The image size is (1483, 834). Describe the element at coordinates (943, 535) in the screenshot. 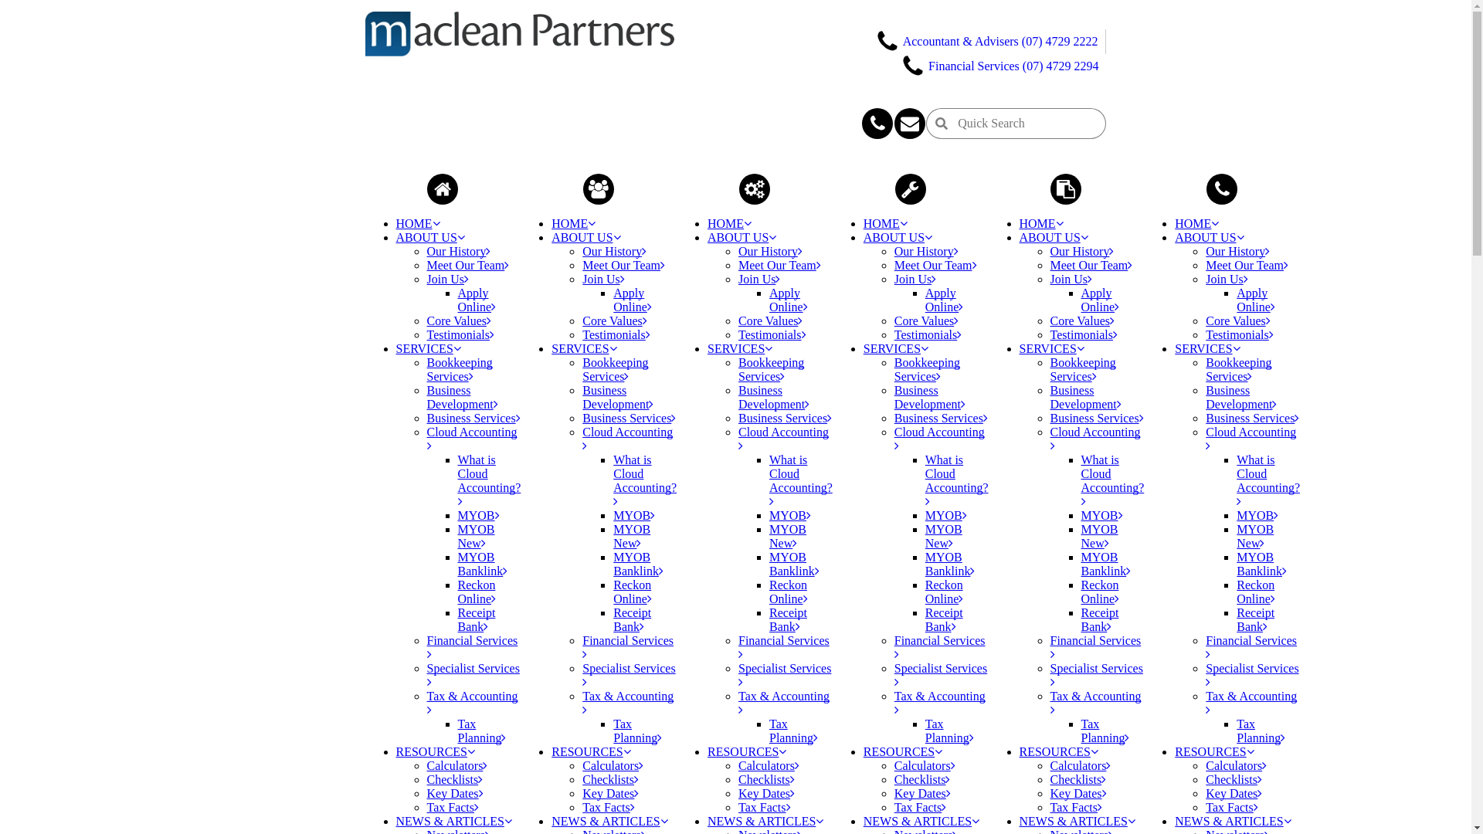

I see `'MYOB New'` at that location.